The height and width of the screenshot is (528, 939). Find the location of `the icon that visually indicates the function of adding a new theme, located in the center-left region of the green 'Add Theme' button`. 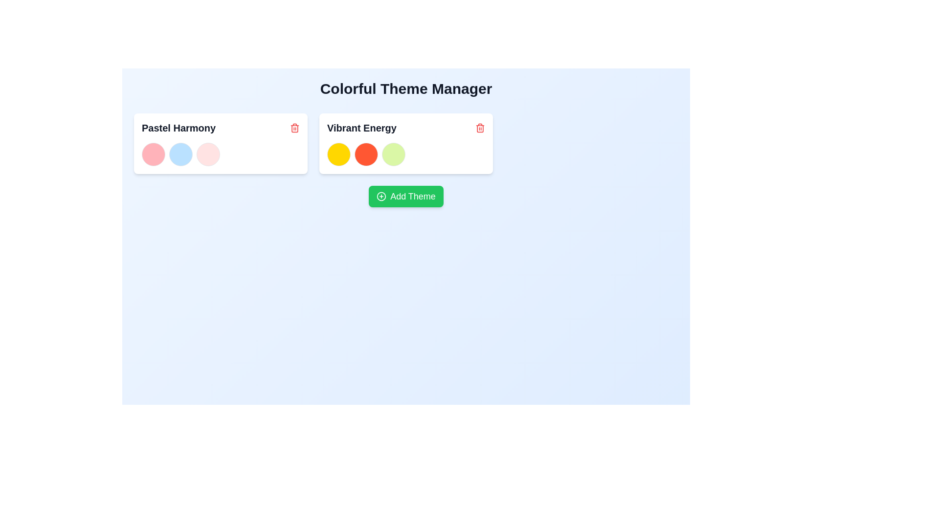

the icon that visually indicates the function of adding a new theme, located in the center-left region of the green 'Add Theme' button is located at coordinates (381, 196).